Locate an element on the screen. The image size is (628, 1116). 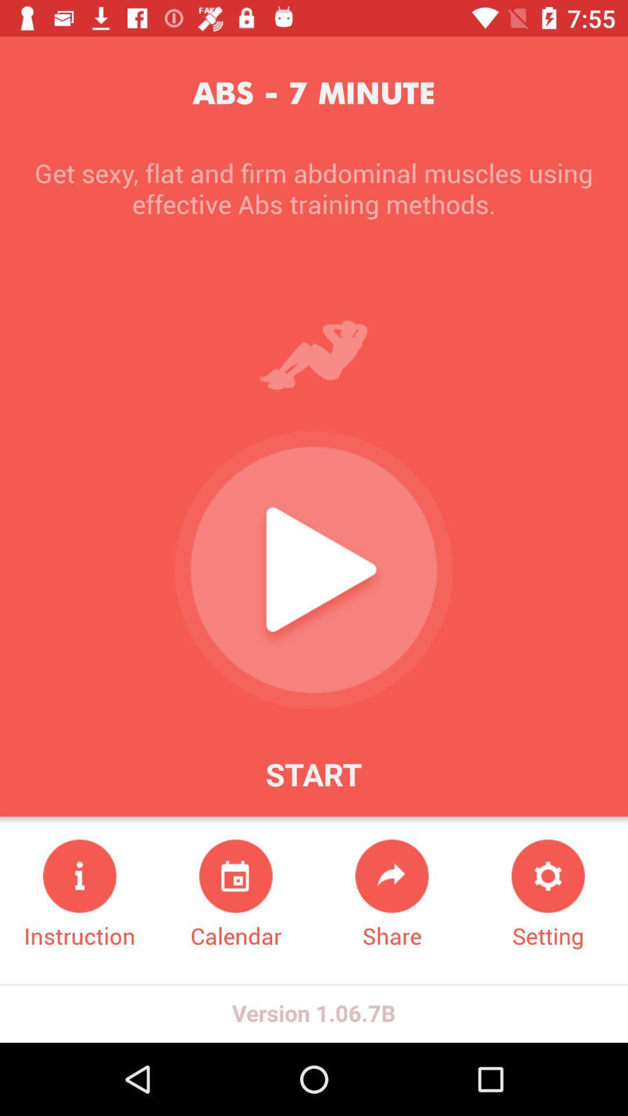
the item next to the calendar icon is located at coordinates (79, 895).